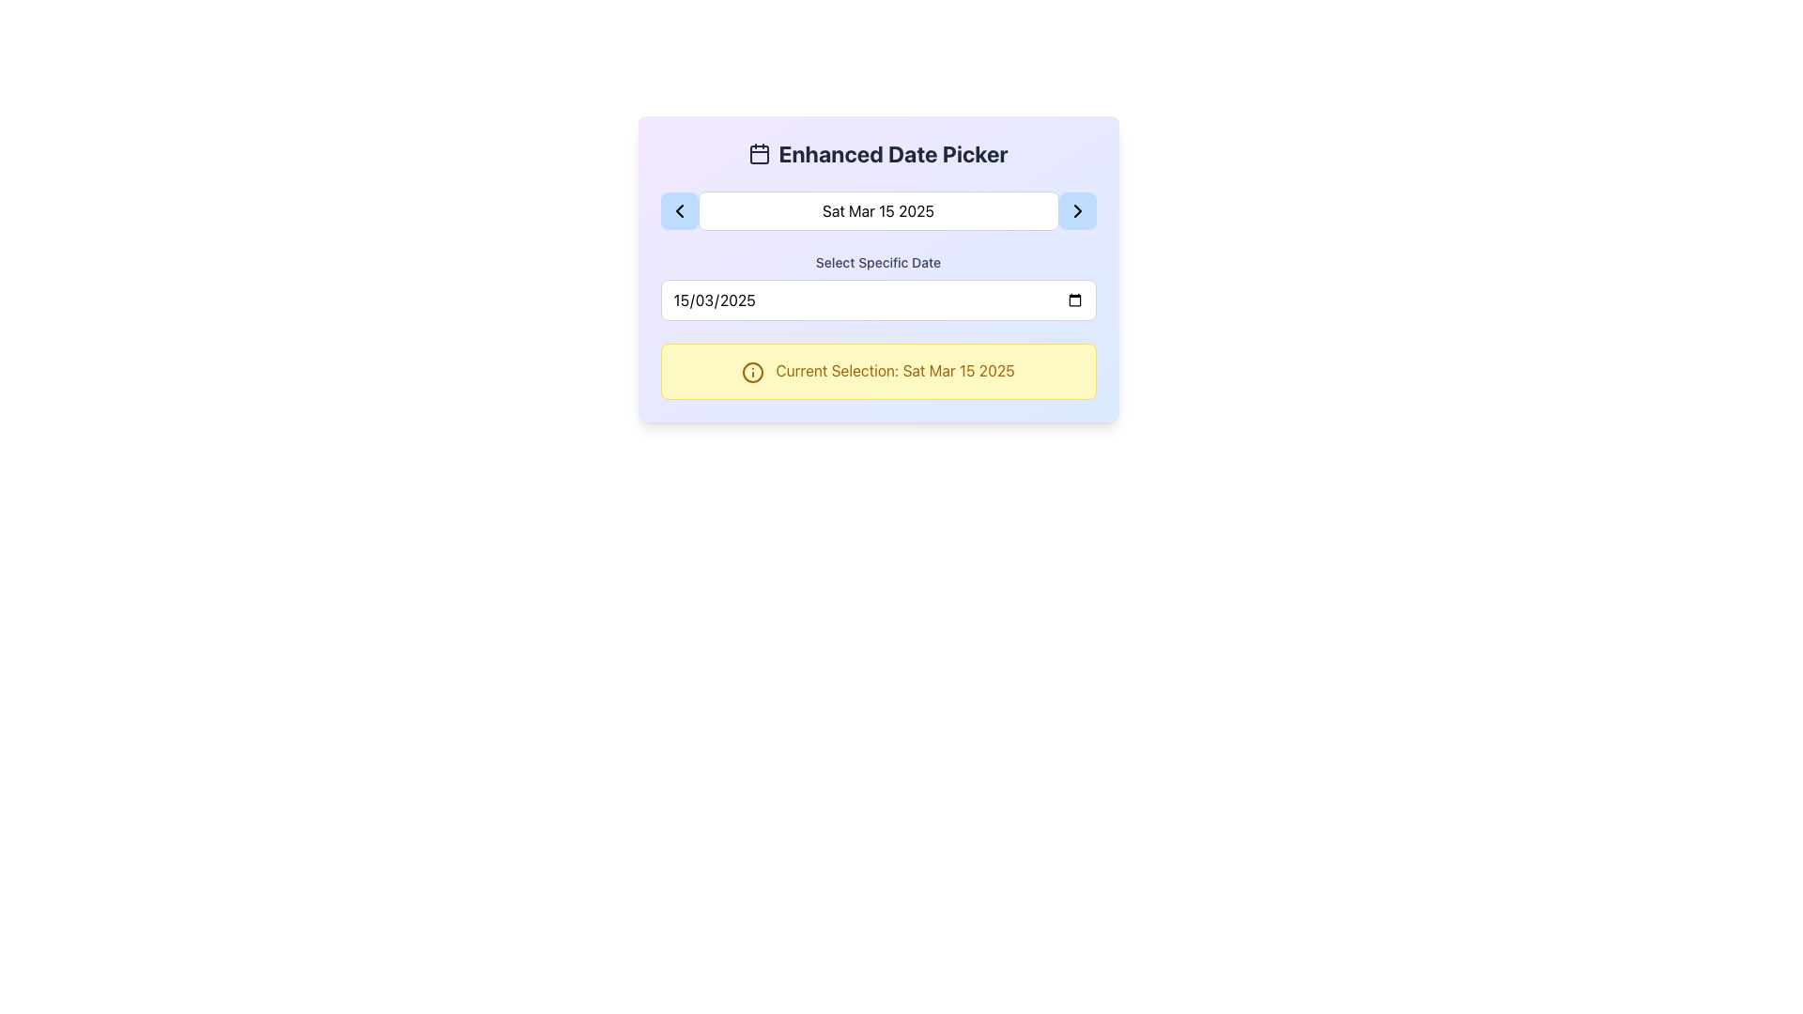 The image size is (1803, 1014). Describe the element at coordinates (877, 286) in the screenshot. I see `the date input field located centrally in the card below the current date display` at that location.